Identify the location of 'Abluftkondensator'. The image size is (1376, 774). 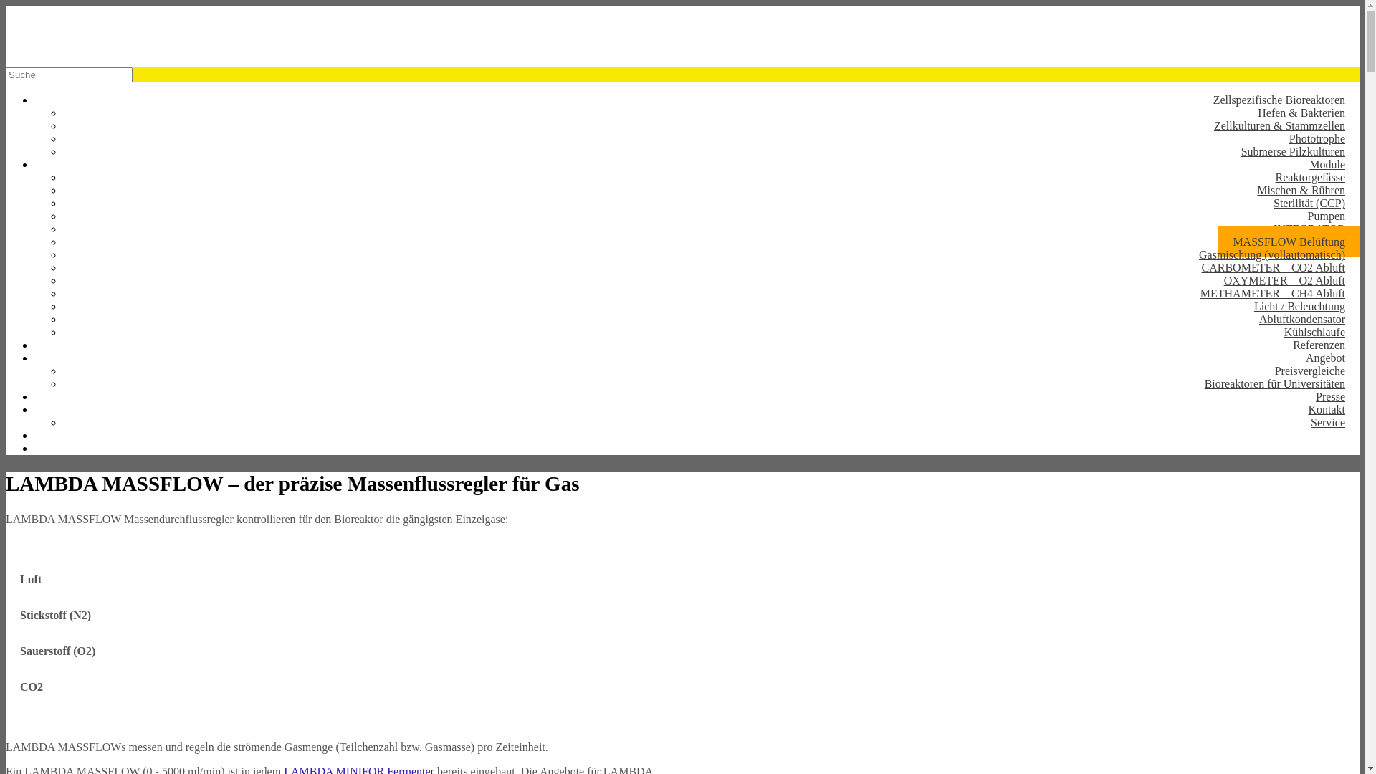
(1302, 318).